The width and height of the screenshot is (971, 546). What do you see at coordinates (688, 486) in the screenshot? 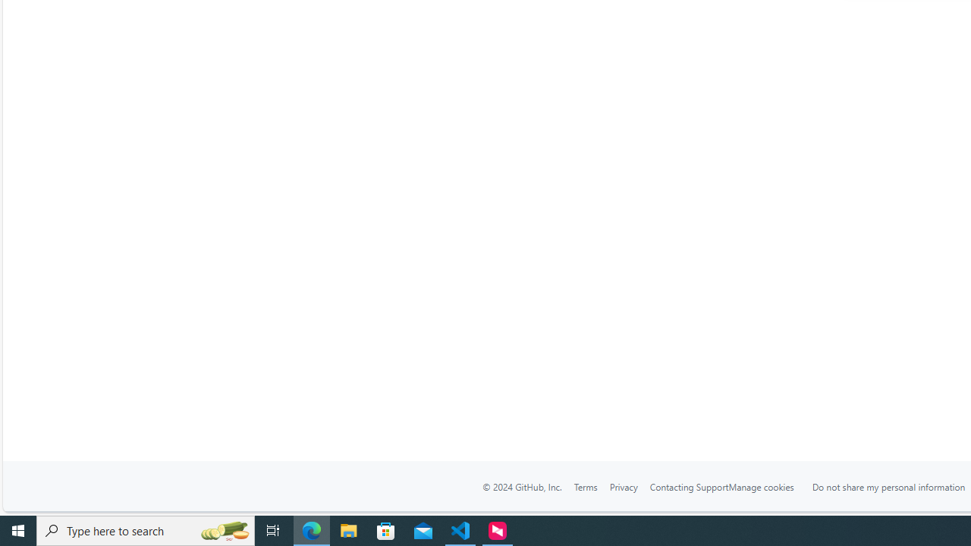
I see `'Contacting Support'` at bounding box center [688, 486].